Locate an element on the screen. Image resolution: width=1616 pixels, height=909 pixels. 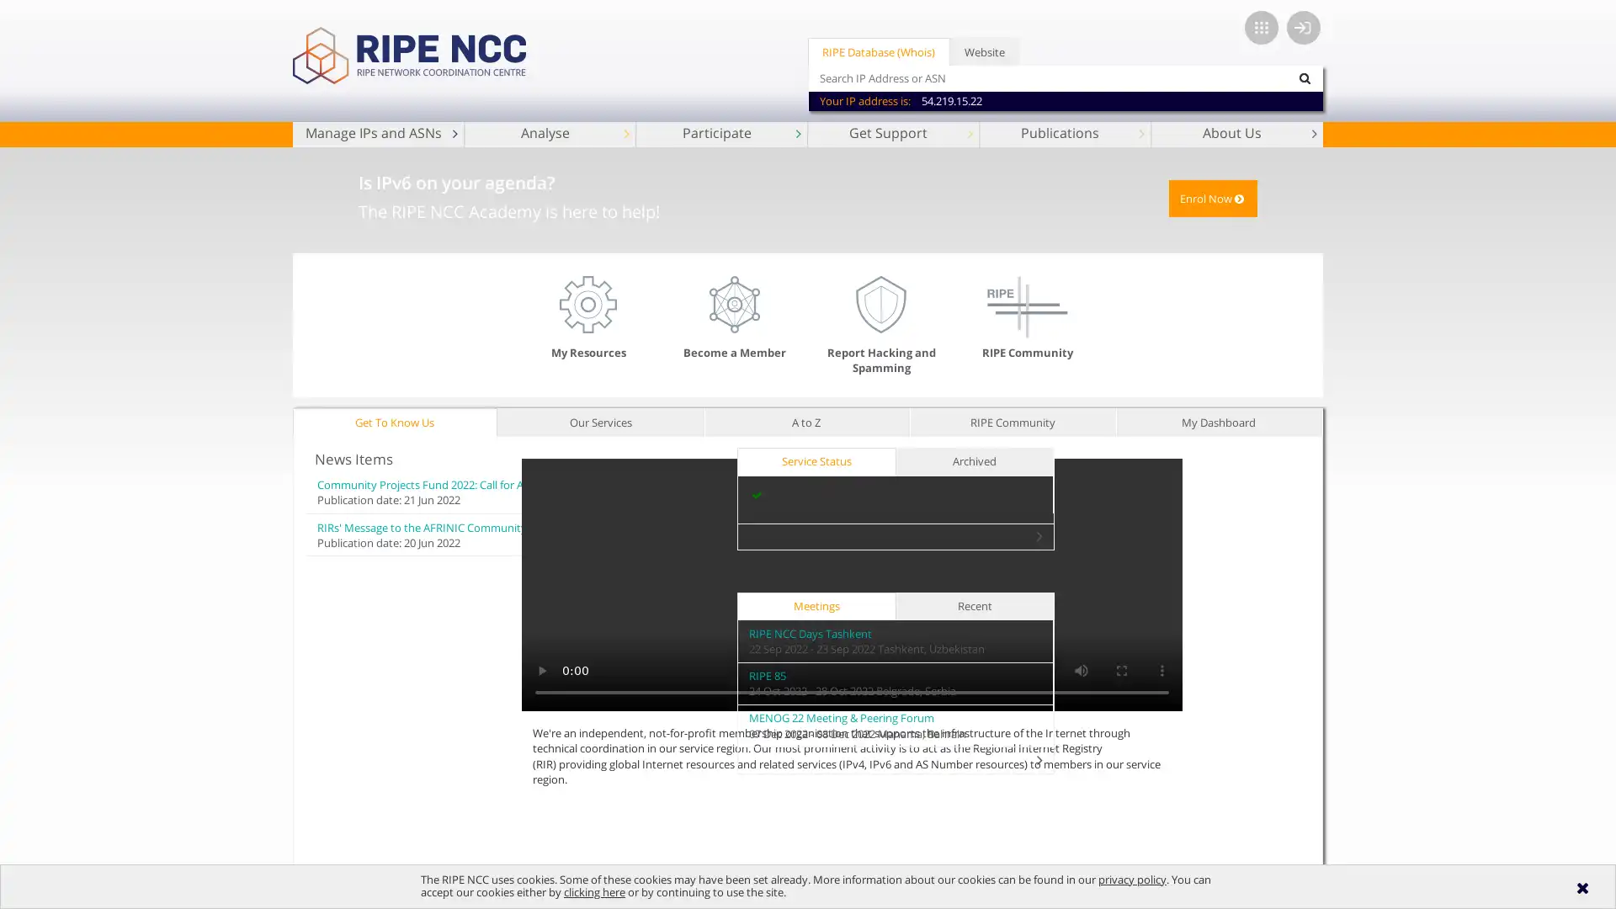
show more media controls is located at coordinates (1288, 668).